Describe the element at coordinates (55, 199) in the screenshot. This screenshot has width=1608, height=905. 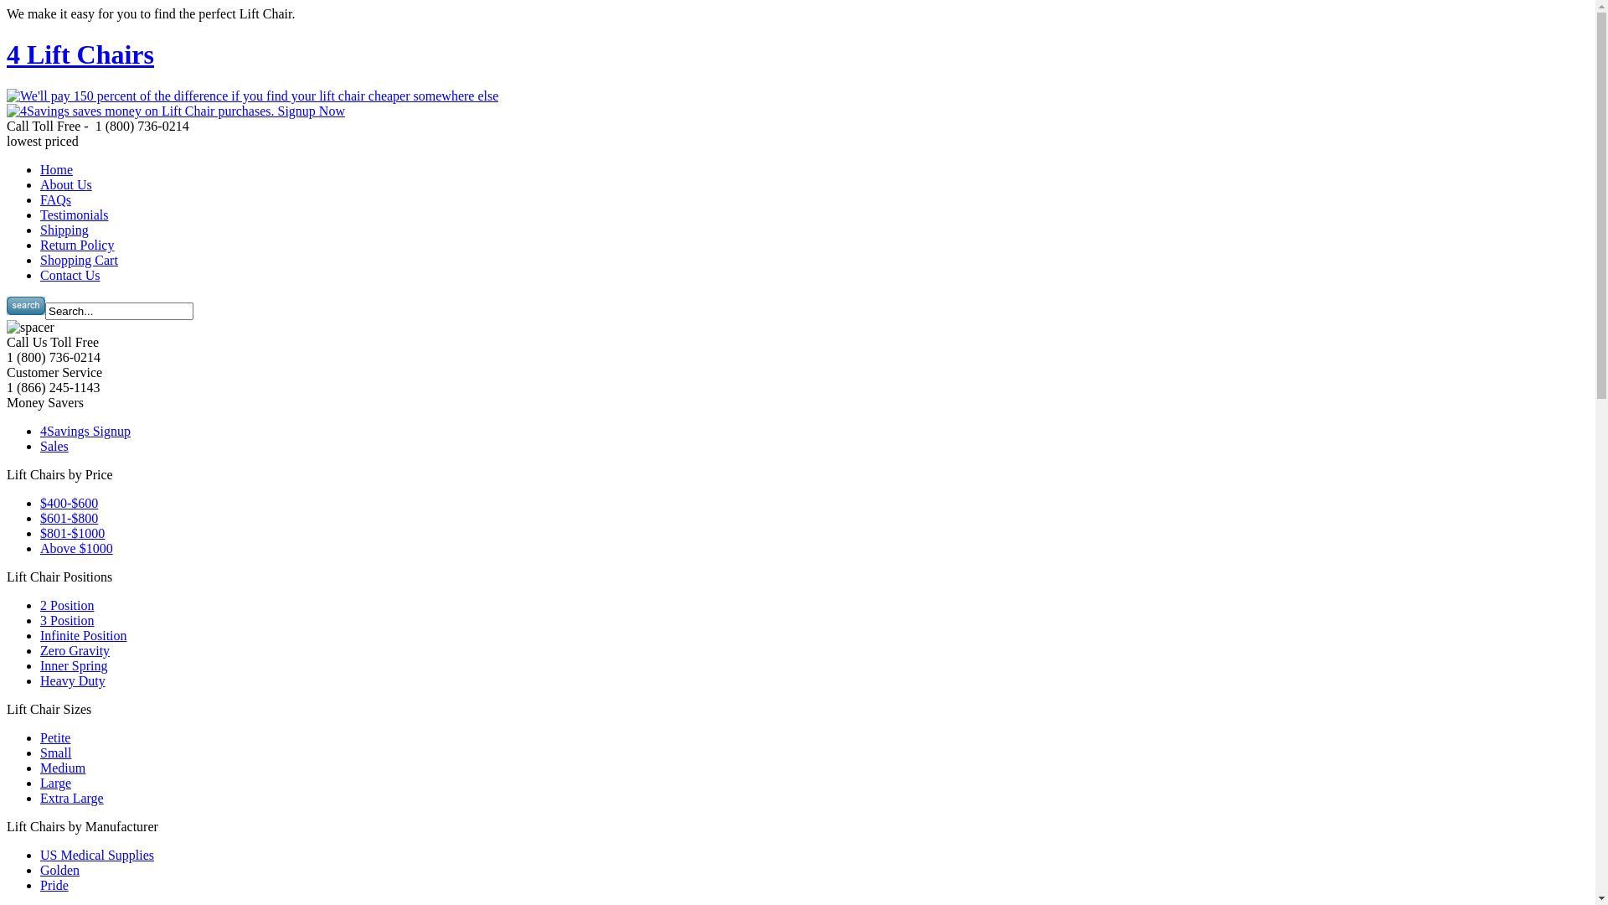
I see `'FAQs'` at that location.